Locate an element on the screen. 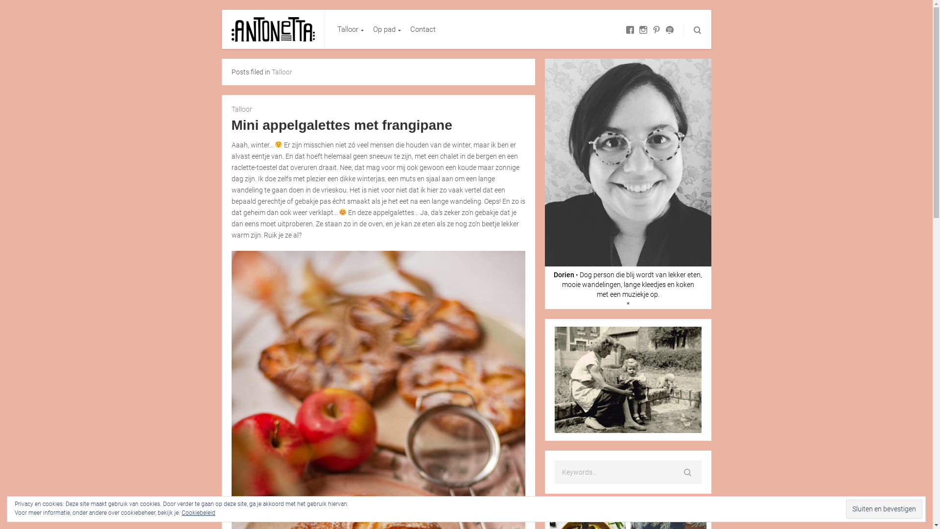  'Talloor' is located at coordinates (349, 29).